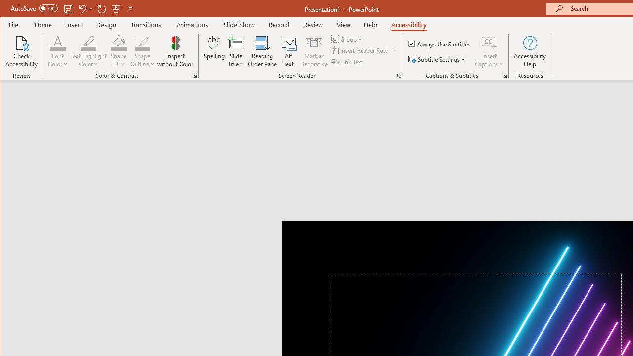 The width and height of the screenshot is (633, 356). What do you see at coordinates (399, 75) in the screenshot?
I see `'Screen Reader'` at bounding box center [399, 75].